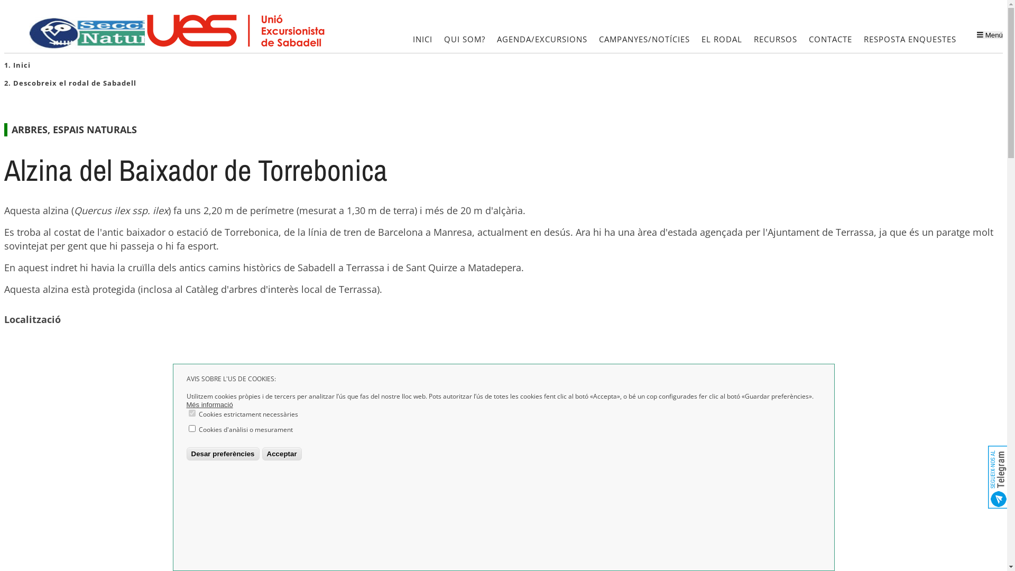 The height and width of the screenshot is (571, 1015). I want to click on 'INICI', so click(422, 39).